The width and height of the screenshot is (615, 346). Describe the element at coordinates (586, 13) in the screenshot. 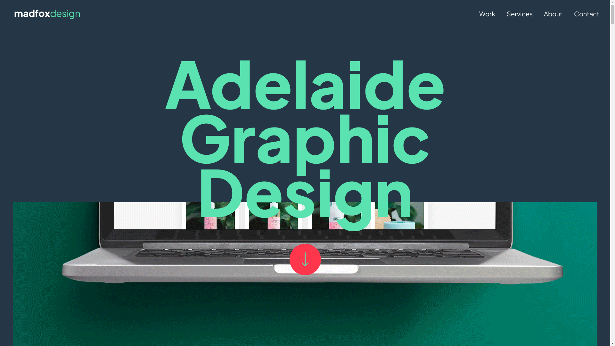

I see `'Contact'` at that location.